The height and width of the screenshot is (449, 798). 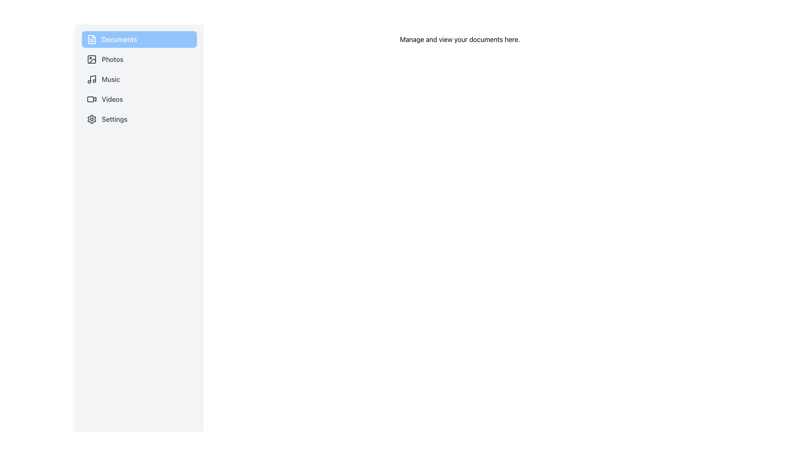 I want to click on the 'Documents' button in the navigation menu to potentially reveal a tooltip or additional information, so click(x=139, y=39).